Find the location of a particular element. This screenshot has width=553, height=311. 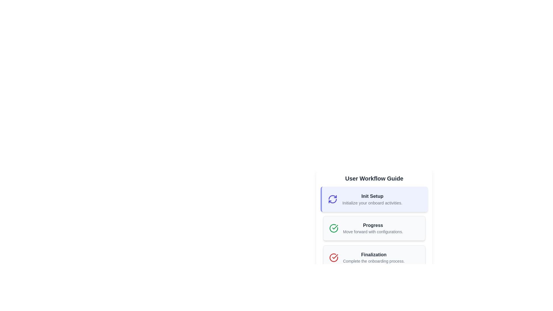

the large centered header labeled 'User Workflow Guide', which is styled in bold dark text and located at the top center of the interface is located at coordinates (374, 178).